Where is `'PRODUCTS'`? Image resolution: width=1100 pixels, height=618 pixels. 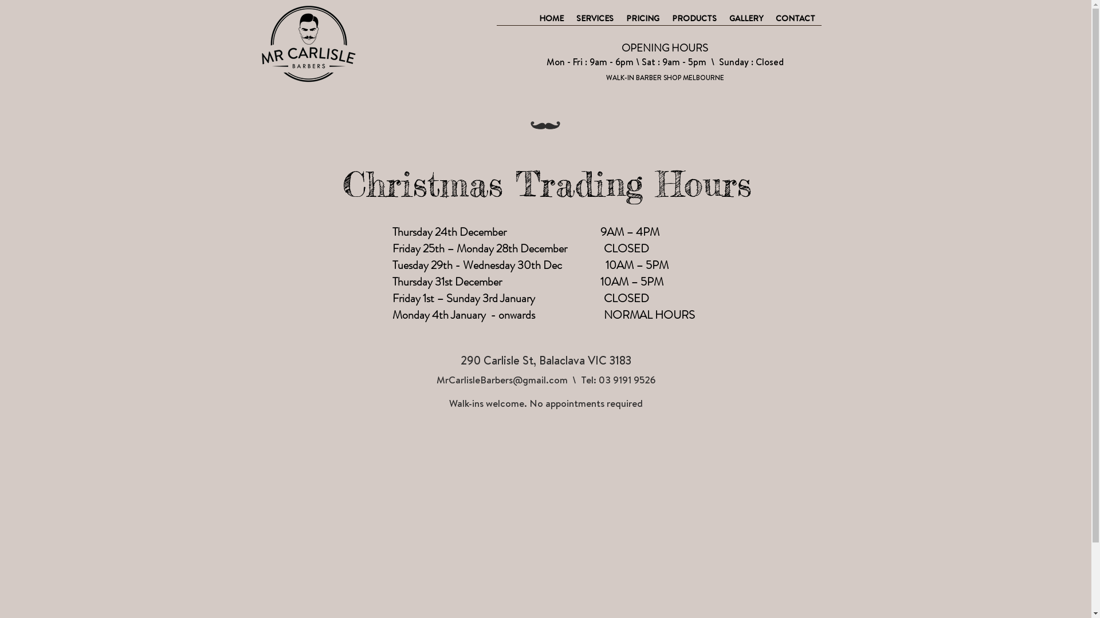
'PRODUCTS' is located at coordinates (694, 22).